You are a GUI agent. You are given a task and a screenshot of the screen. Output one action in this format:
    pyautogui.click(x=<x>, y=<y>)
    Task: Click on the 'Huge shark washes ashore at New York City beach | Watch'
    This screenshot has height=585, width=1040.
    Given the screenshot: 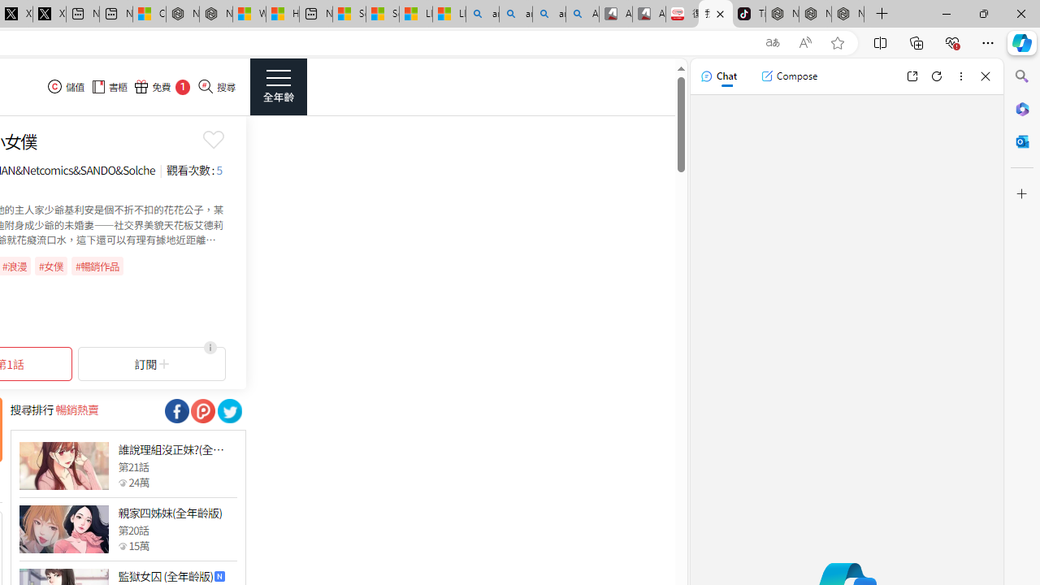 What is the action you would take?
    pyautogui.click(x=283, y=14)
    